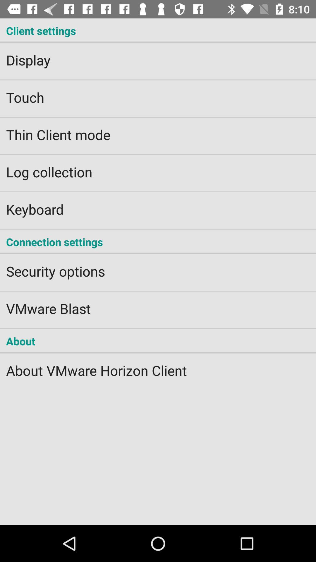 The width and height of the screenshot is (316, 562). I want to click on the keyboard item, so click(158, 205).